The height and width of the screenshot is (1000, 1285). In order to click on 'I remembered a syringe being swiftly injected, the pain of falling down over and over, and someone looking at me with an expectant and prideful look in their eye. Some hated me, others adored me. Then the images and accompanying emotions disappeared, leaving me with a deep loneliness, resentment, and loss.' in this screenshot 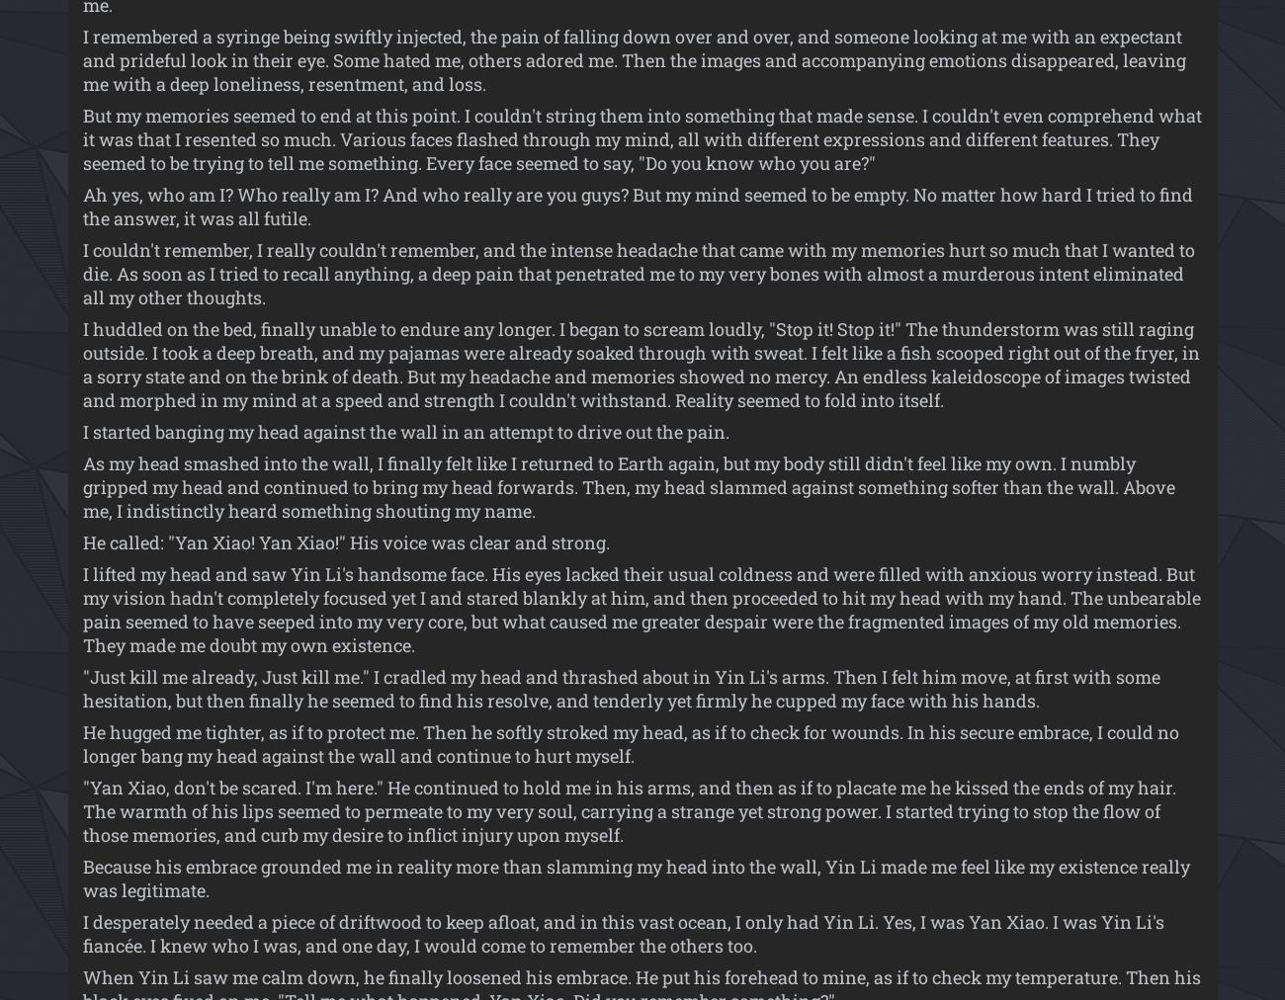, I will do `click(634, 59)`.